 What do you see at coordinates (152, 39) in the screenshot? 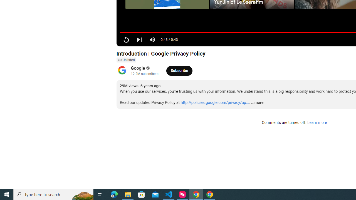
I see `'Mute (m)'` at bounding box center [152, 39].